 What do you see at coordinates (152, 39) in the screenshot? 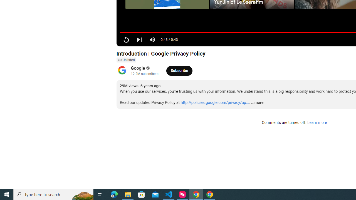
I see `'Mute (m)'` at bounding box center [152, 39].